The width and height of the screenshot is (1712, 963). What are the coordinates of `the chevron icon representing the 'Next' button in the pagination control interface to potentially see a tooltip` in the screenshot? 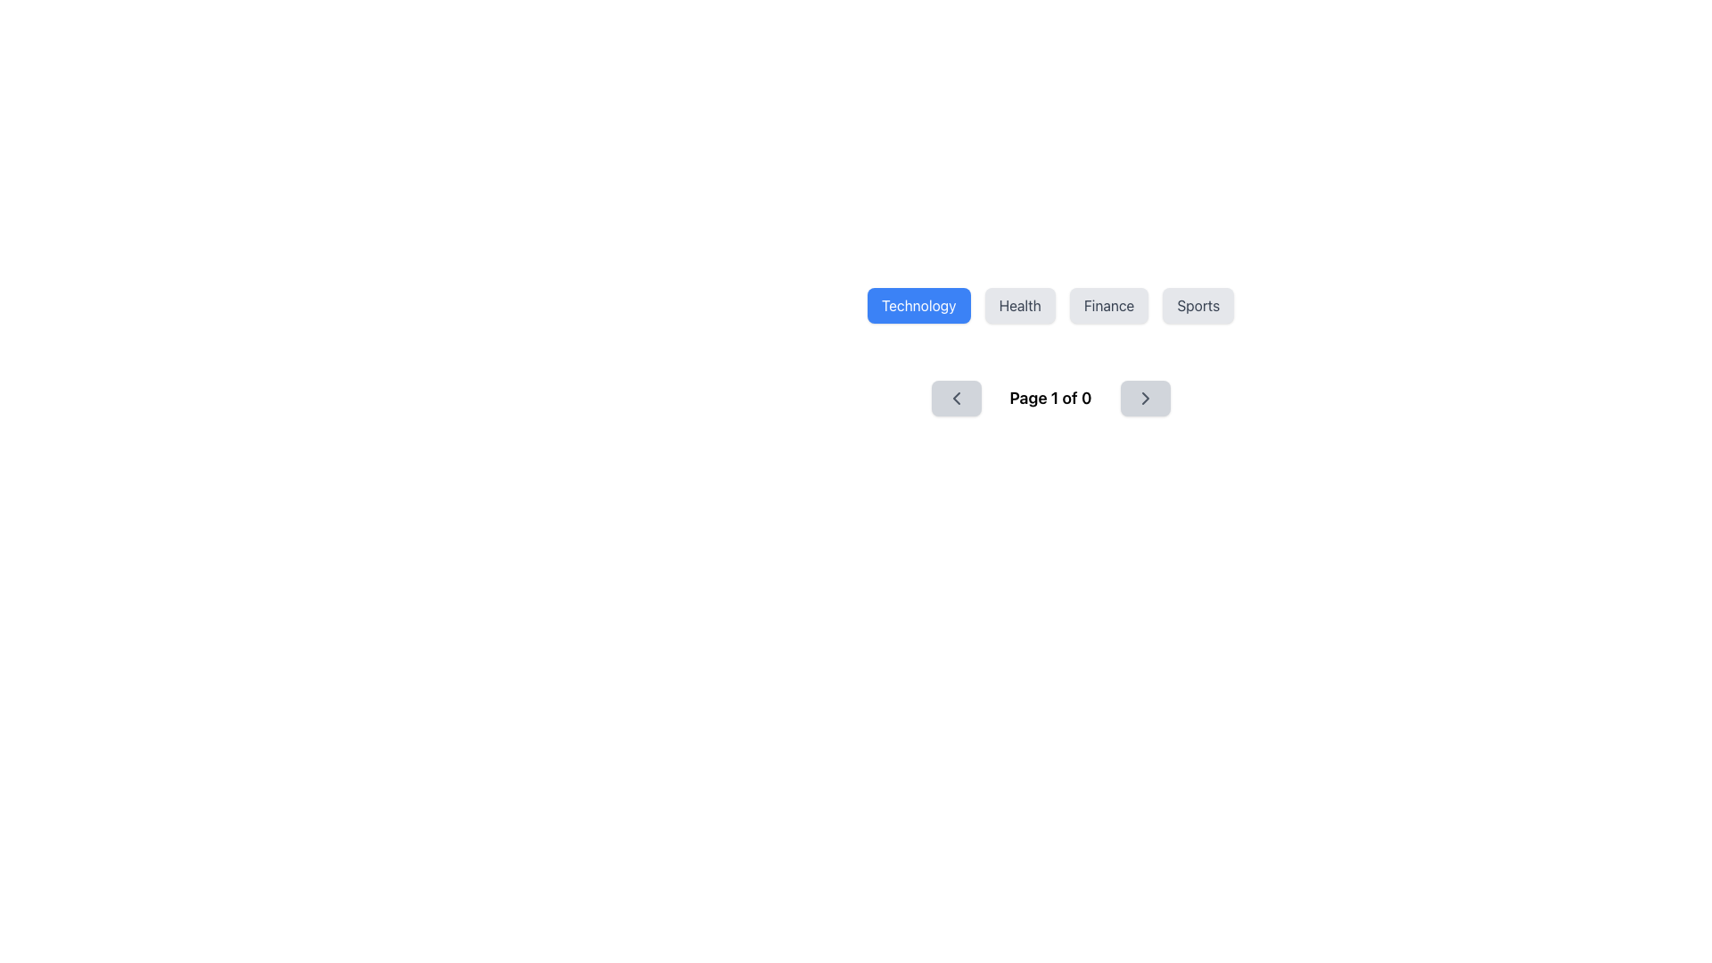 It's located at (1145, 398).